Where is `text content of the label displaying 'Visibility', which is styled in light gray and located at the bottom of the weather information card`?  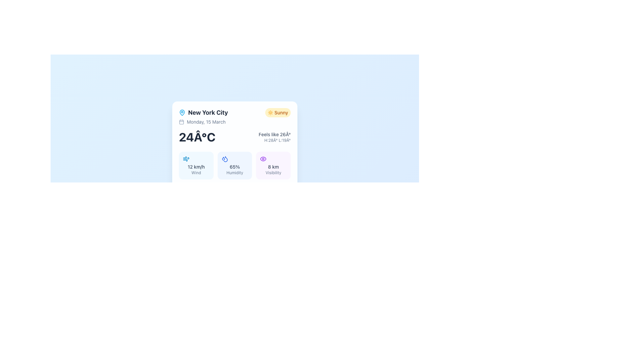
text content of the label displaying 'Visibility', which is styled in light gray and located at the bottom of the weather information card is located at coordinates (273, 173).